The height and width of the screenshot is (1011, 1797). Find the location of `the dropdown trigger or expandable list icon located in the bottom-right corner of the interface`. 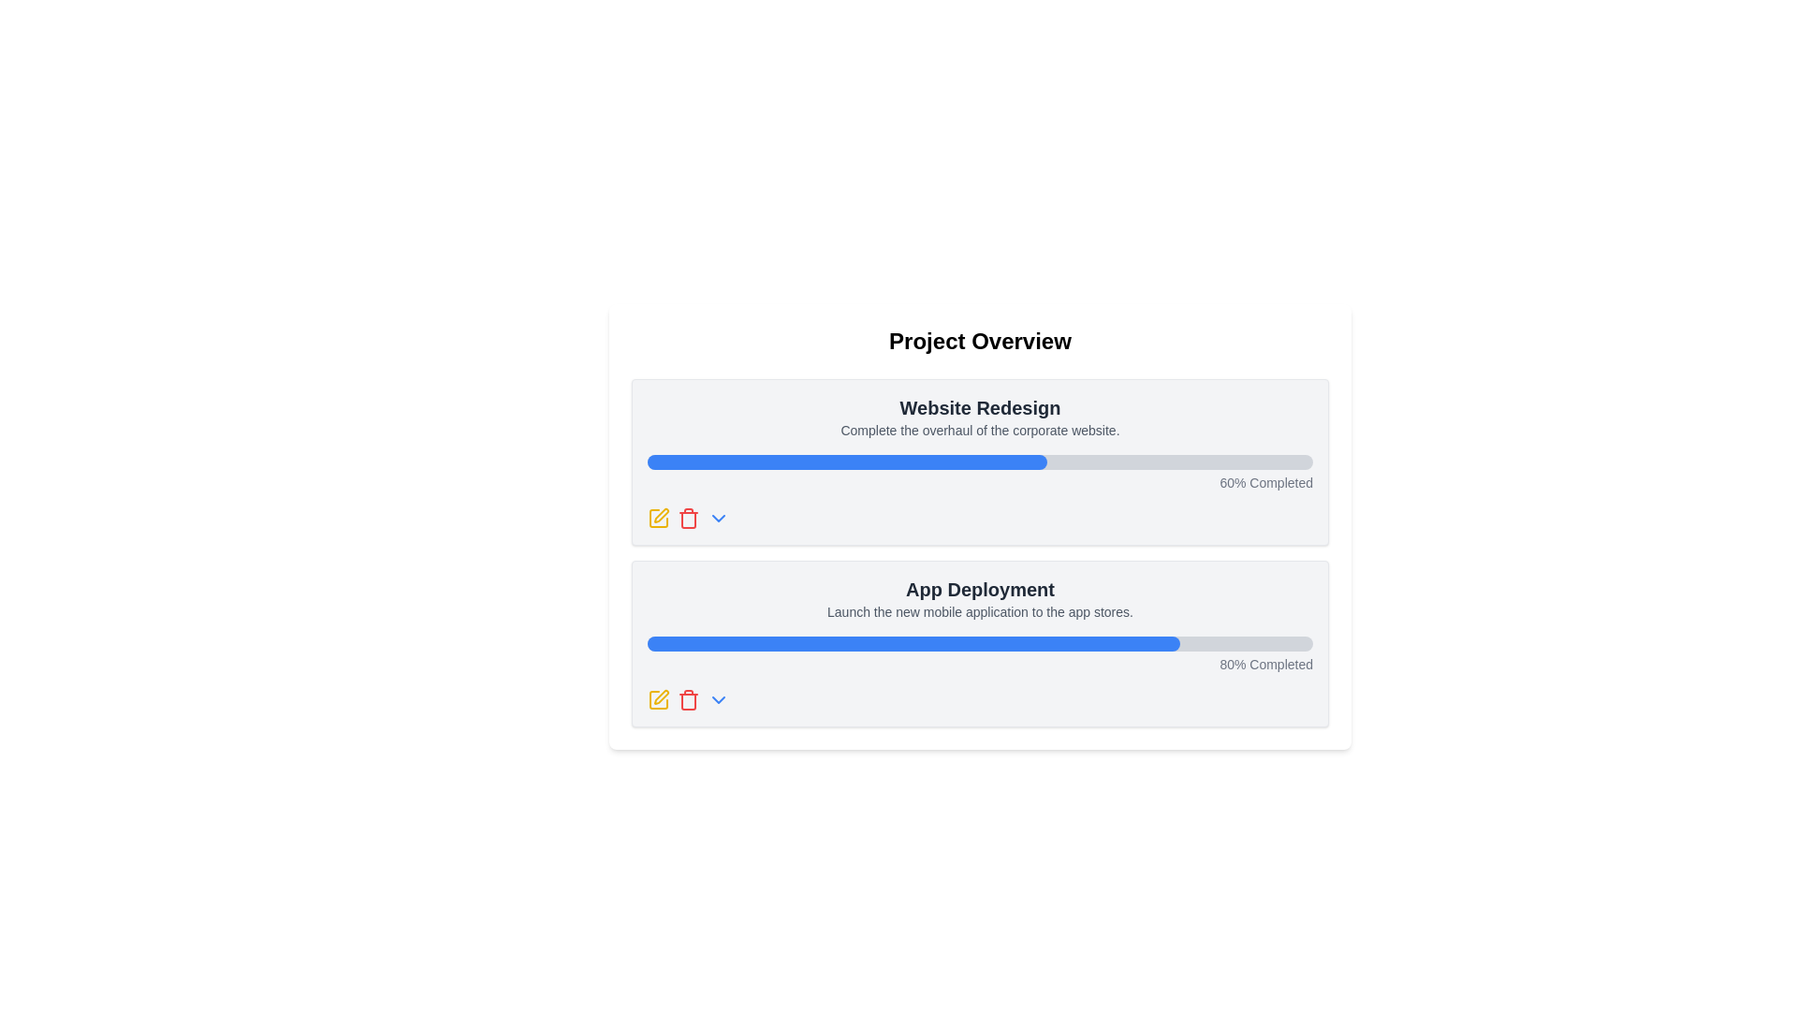

the dropdown trigger or expandable list icon located in the bottom-right corner of the interface is located at coordinates (718, 700).